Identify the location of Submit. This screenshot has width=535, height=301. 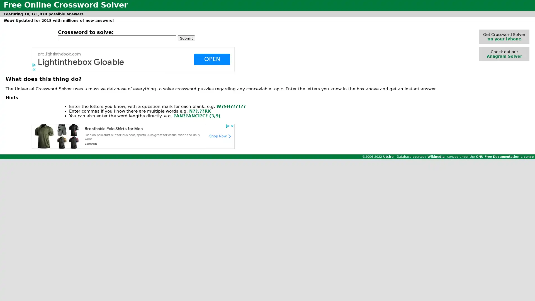
(186, 38).